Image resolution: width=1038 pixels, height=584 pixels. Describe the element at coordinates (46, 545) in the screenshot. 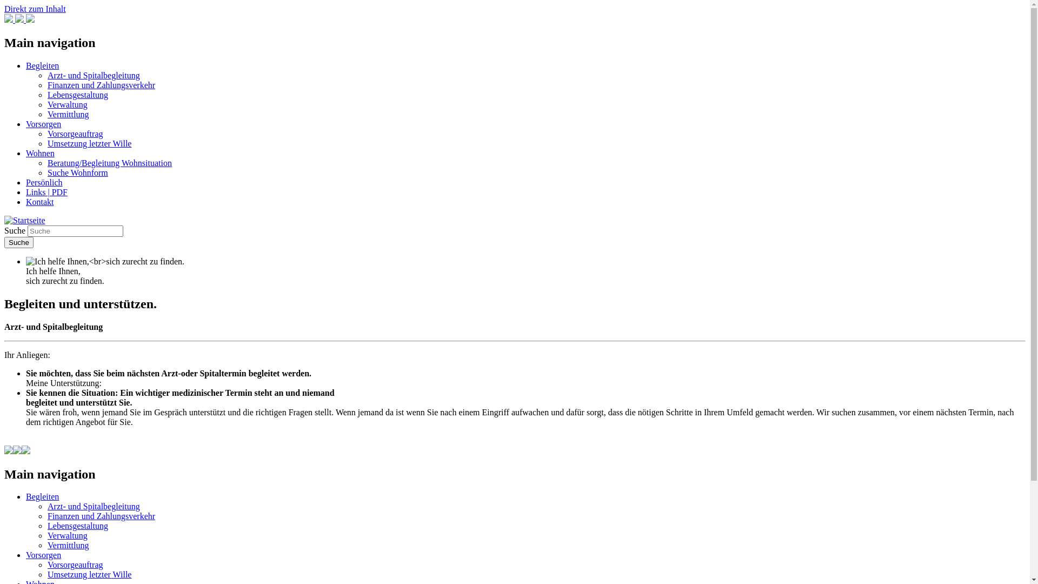

I see `'Vermittlung'` at that location.